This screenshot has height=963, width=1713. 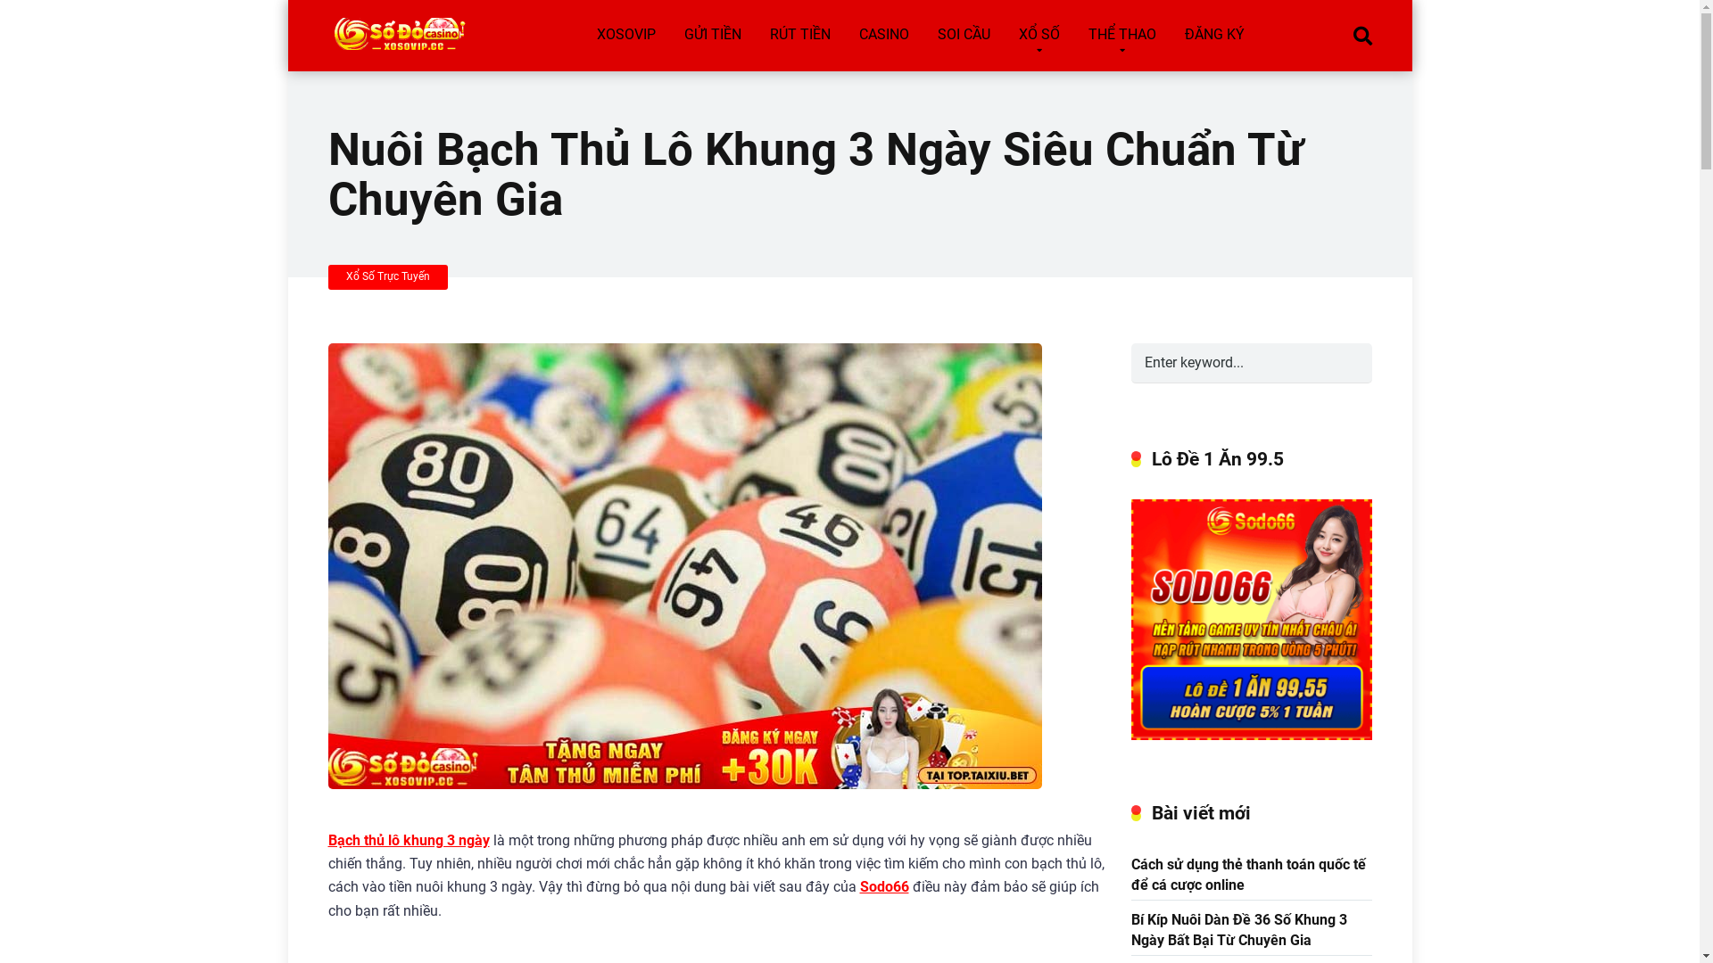 What do you see at coordinates (884, 886) in the screenshot?
I see `'Sodo66'` at bounding box center [884, 886].